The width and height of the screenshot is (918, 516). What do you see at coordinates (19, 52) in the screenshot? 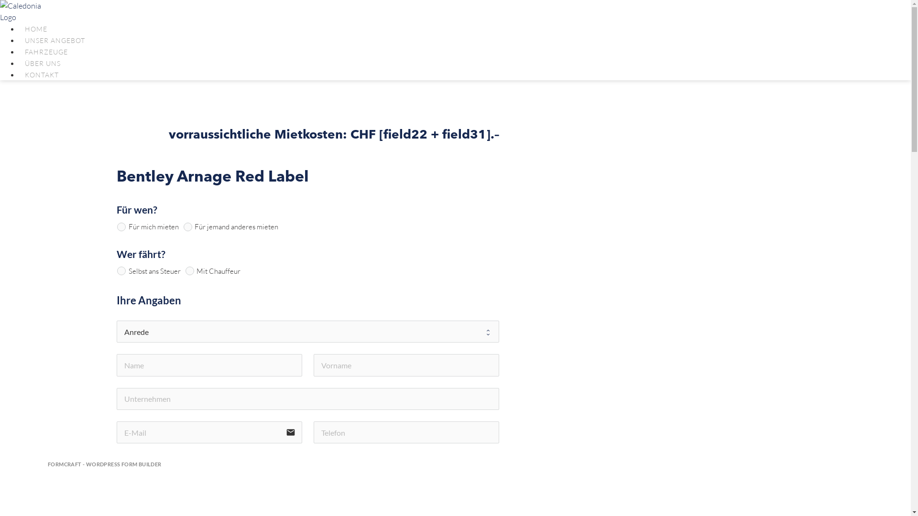
I see `'FAHRZEUGE'` at bounding box center [19, 52].